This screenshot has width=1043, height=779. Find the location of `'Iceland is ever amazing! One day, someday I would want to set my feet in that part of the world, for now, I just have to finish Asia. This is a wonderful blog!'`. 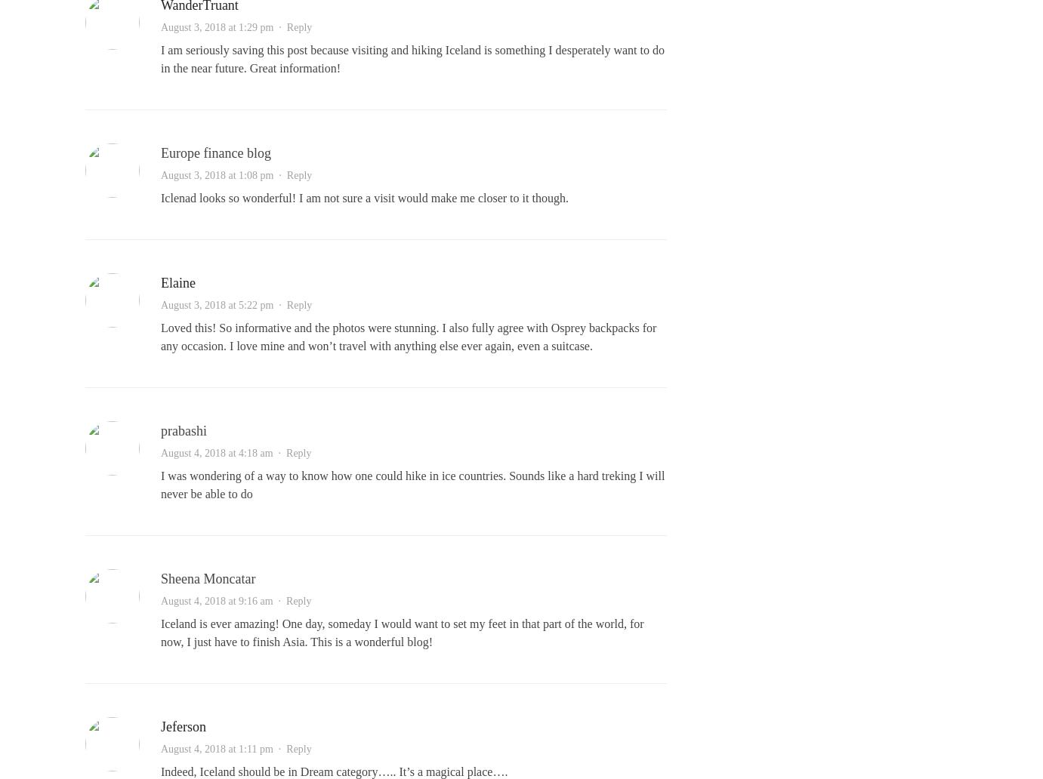

'Iceland is ever amazing! One day, someday I would want to set my feet in that part of the world, for now, I just have to finish Asia. This is a wonderful blog!' is located at coordinates (159, 633).